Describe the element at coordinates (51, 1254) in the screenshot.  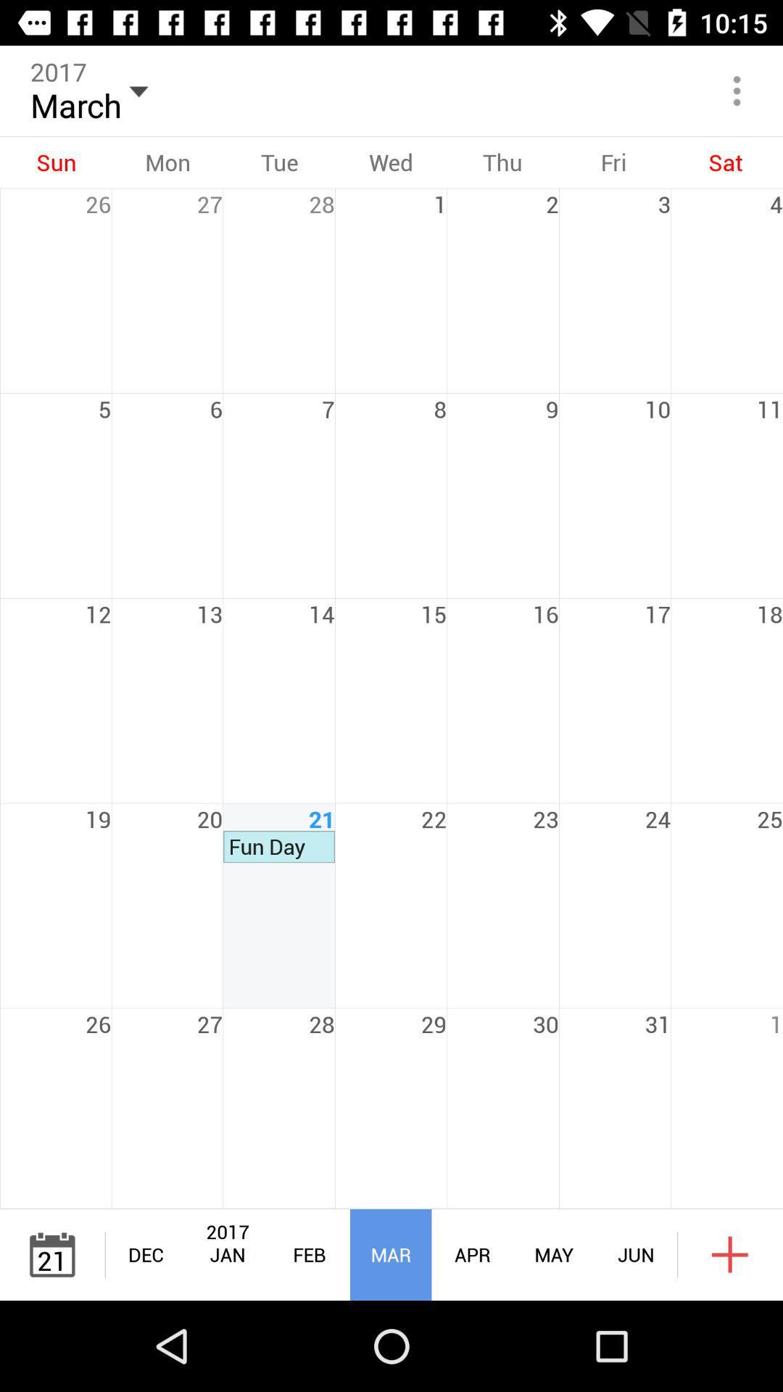
I see `the date_range icon` at that location.